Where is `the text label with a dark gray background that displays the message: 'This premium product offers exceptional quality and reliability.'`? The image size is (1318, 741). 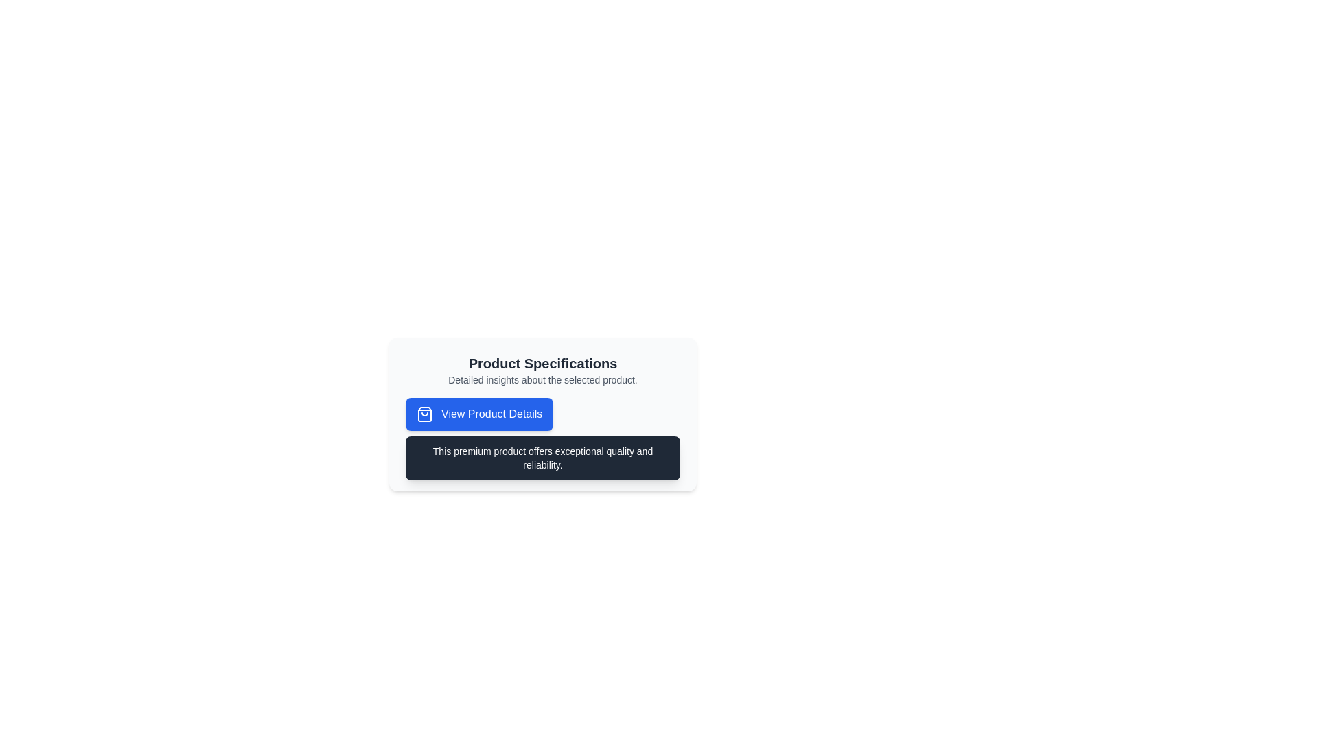
the text label with a dark gray background that displays the message: 'This premium product offers exceptional quality and reliability.' is located at coordinates (542, 458).